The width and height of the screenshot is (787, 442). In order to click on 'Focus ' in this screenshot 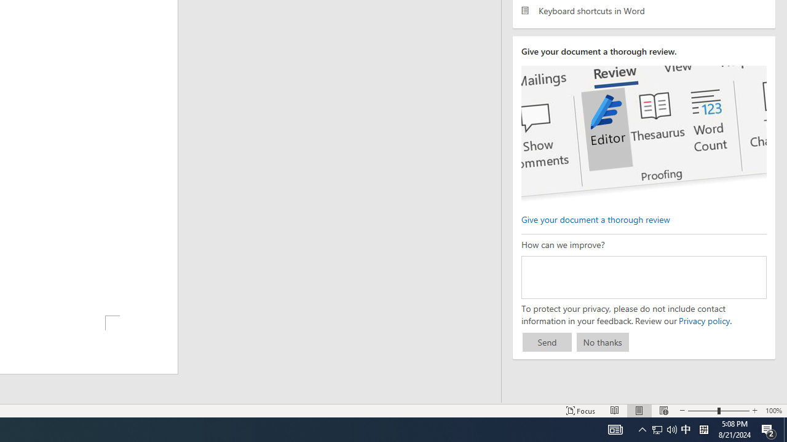, I will do `click(580, 411)`.